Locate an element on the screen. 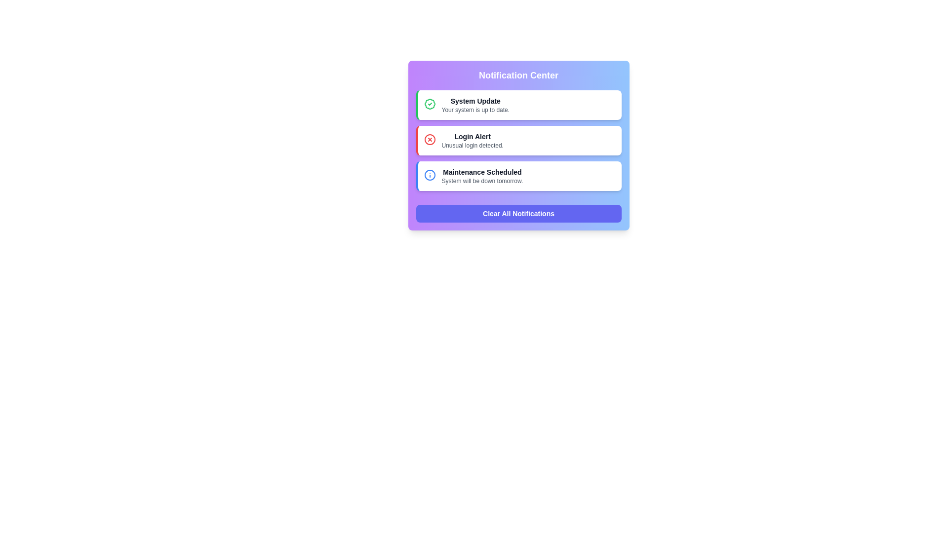 This screenshot has height=533, width=948. text of the primary title in the second notification panel, located to the right of the red circular icon and above the descriptive text 'Unusual login detected.' is located at coordinates (472, 137).